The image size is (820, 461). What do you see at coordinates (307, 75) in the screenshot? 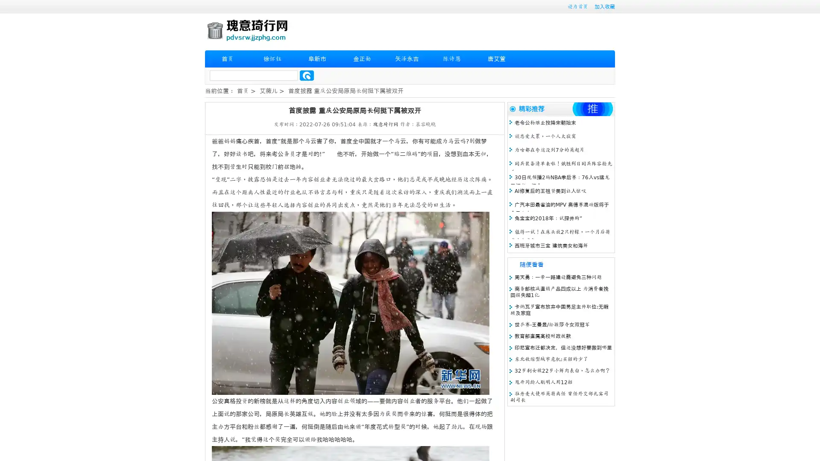
I see `Search` at bounding box center [307, 75].